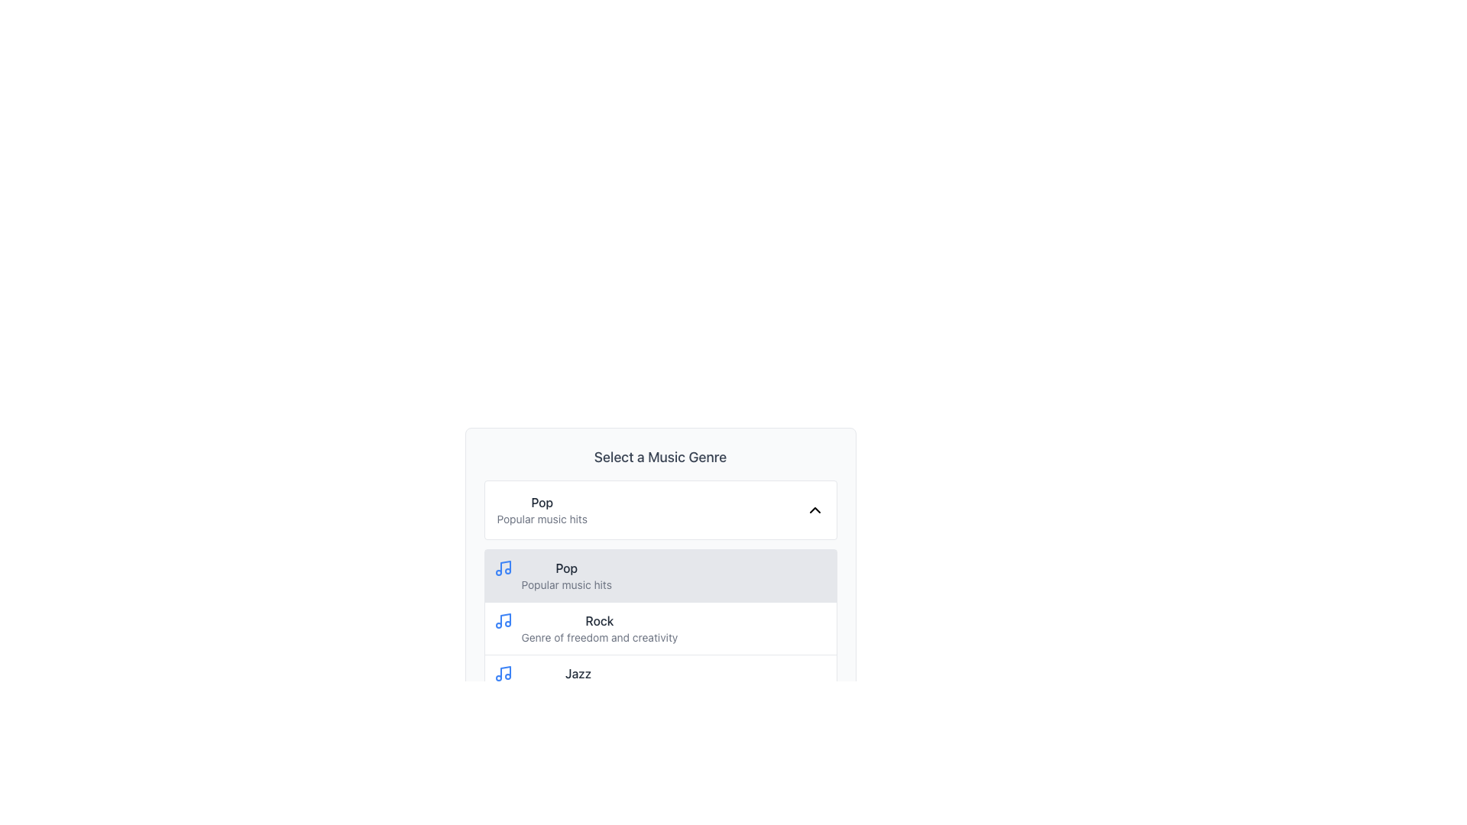 The height and width of the screenshot is (825, 1467). What do you see at coordinates (598, 628) in the screenshot?
I see `the 'Rock' genre list item in the dropdown panel titled 'Select a Music Genre'` at bounding box center [598, 628].